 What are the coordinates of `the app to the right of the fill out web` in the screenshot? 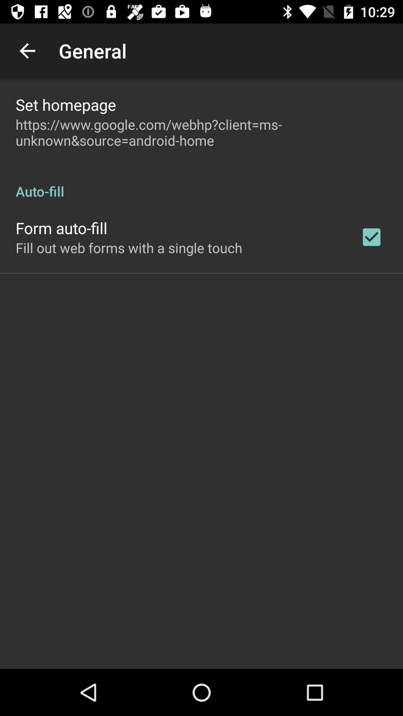 It's located at (371, 236).